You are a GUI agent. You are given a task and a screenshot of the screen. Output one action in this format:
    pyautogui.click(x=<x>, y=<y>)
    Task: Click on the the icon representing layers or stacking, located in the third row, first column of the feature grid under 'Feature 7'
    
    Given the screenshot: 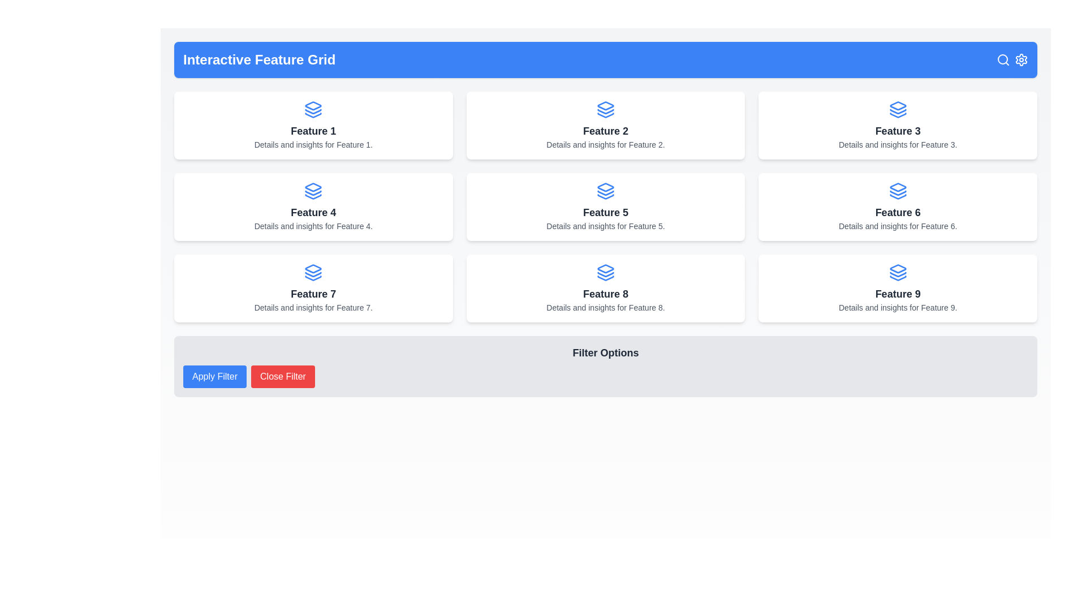 What is the action you would take?
    pyautogui.click(x=313, y=273)
    